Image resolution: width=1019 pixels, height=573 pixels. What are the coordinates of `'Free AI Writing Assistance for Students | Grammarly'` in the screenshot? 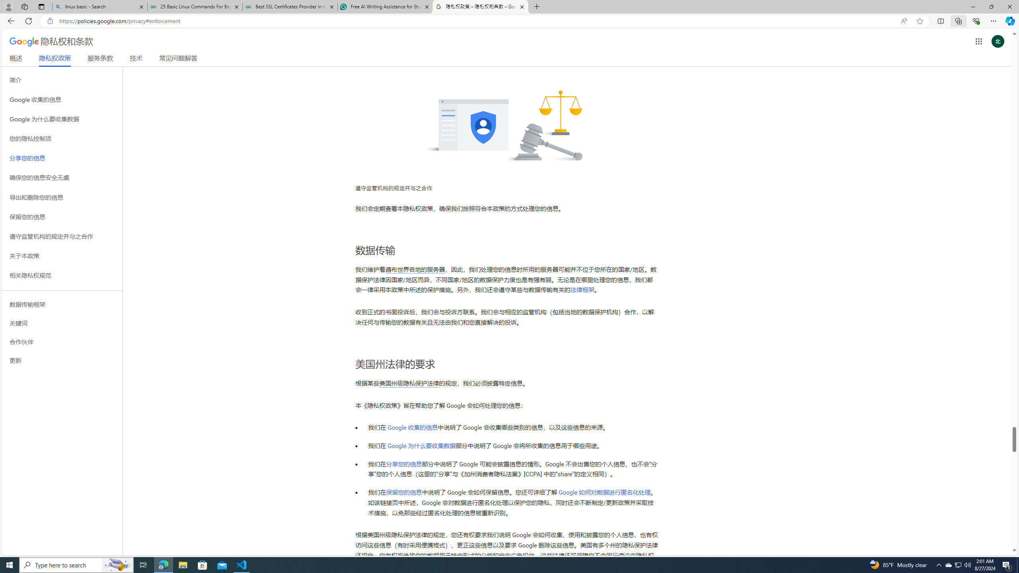 It's located at (385, 6).